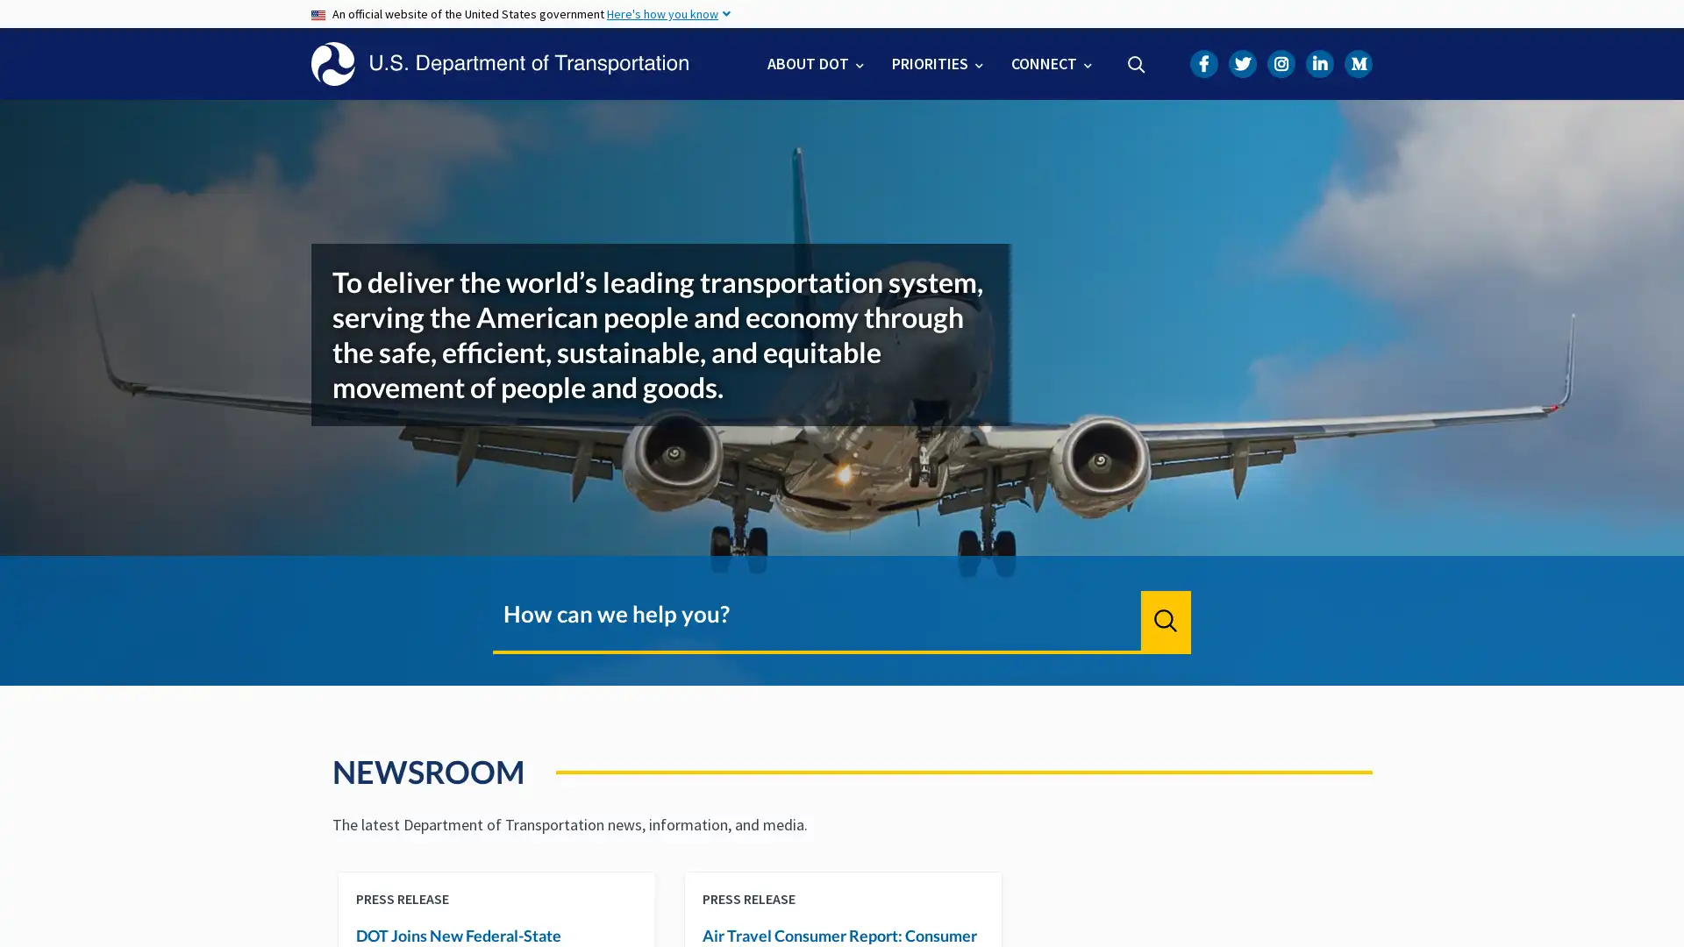  I want to click on Here's how you know, so click(667, 14).